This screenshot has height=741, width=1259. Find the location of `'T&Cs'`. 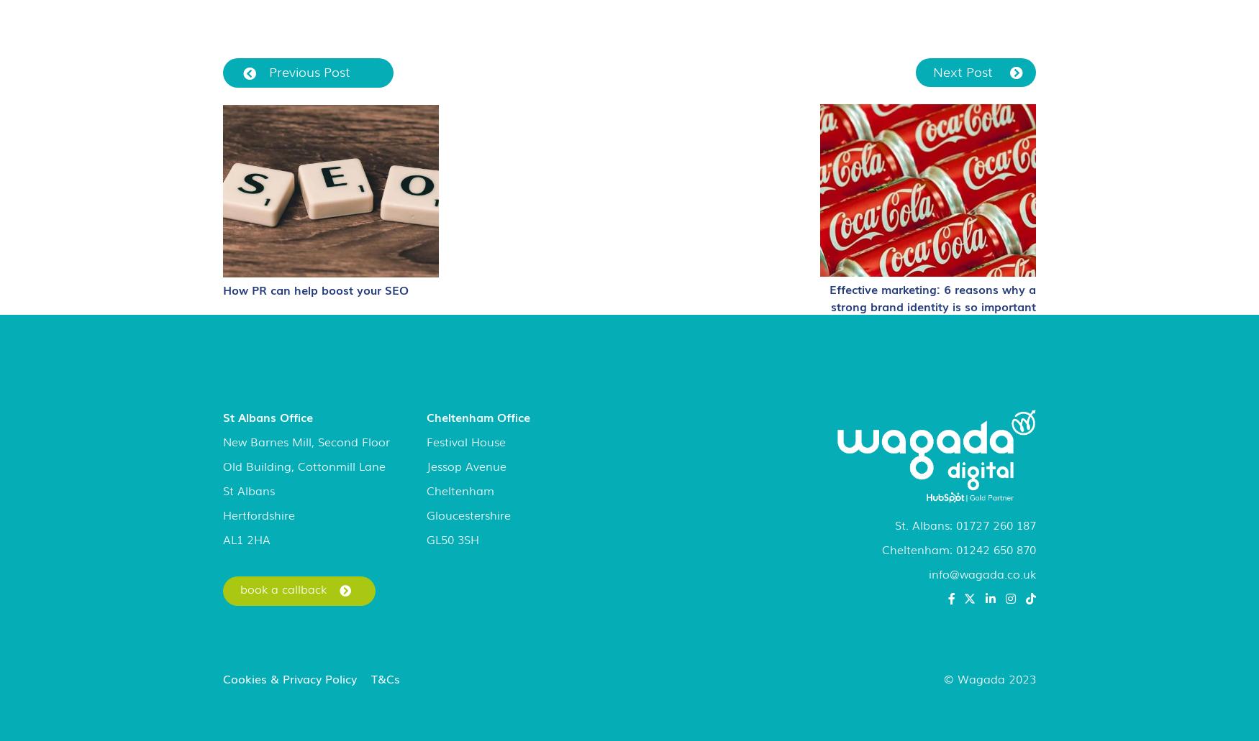

'T&Cs' is located at coordinates (371, 677).